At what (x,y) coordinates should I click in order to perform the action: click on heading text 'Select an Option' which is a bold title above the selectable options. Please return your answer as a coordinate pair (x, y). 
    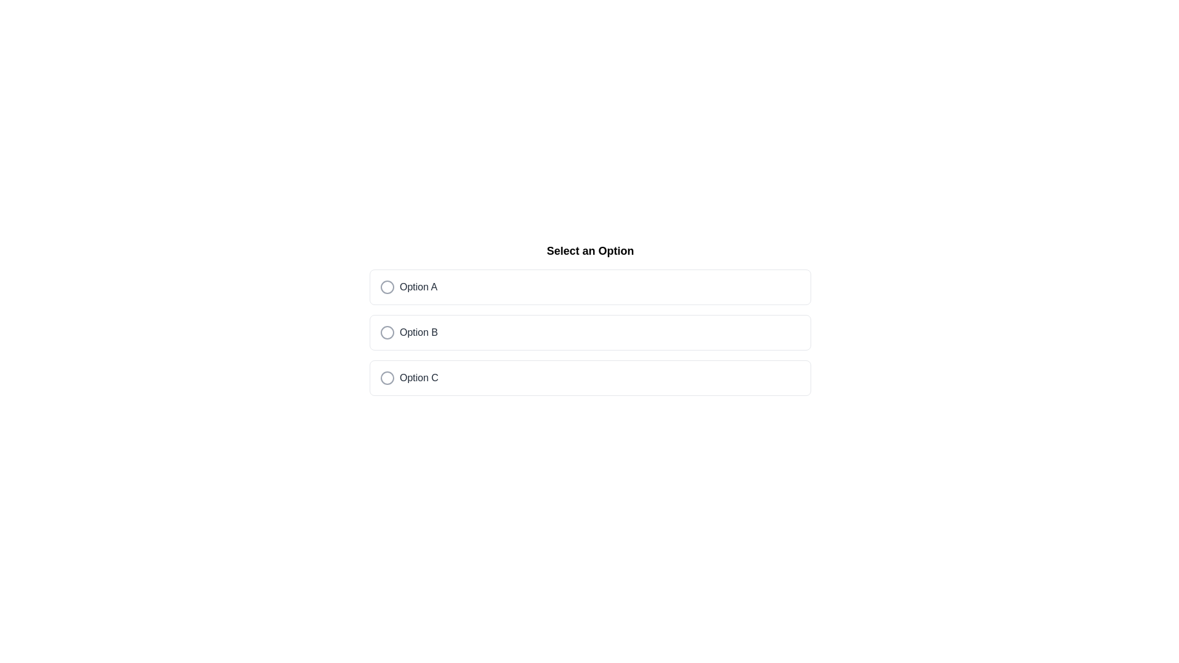
    Looking at the image, I should click on (590, 250).